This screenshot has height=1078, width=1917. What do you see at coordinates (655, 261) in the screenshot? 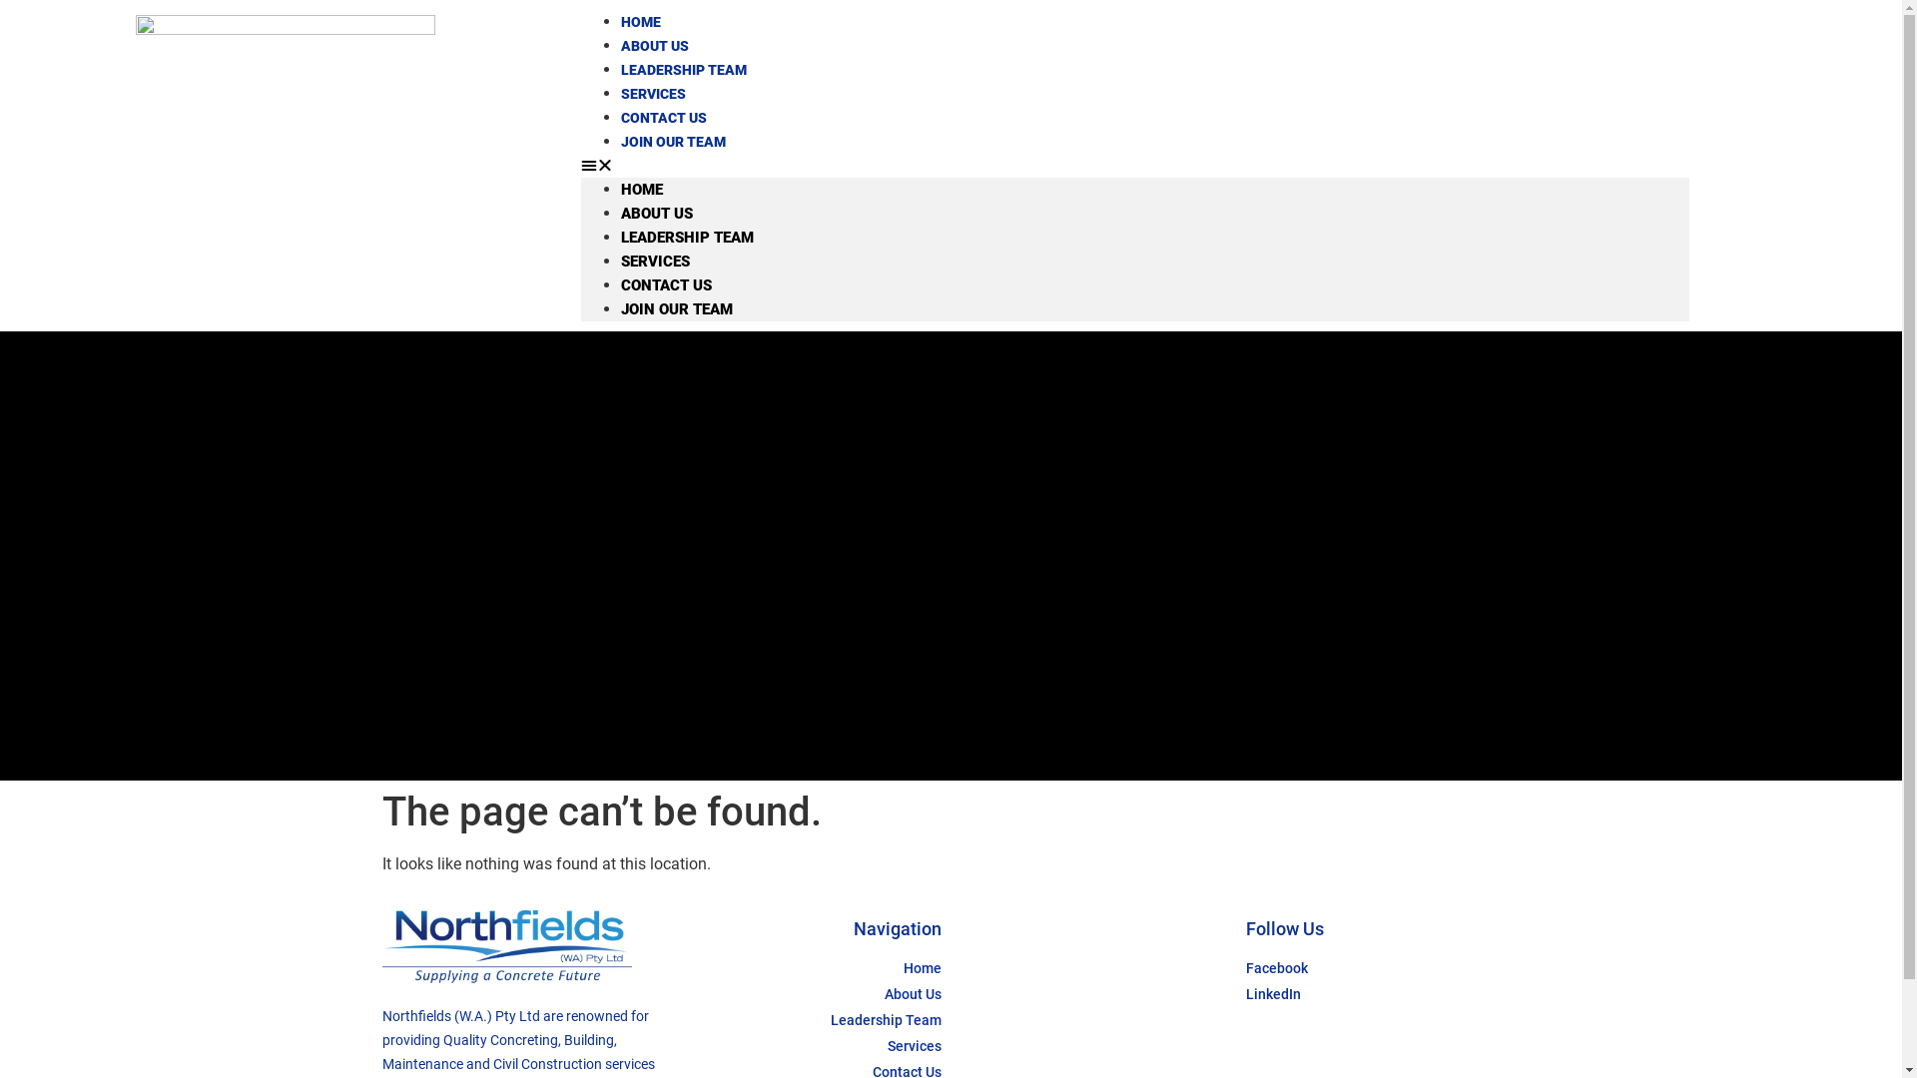
I see `'SERVICES'` at bounding box center [655, 261].